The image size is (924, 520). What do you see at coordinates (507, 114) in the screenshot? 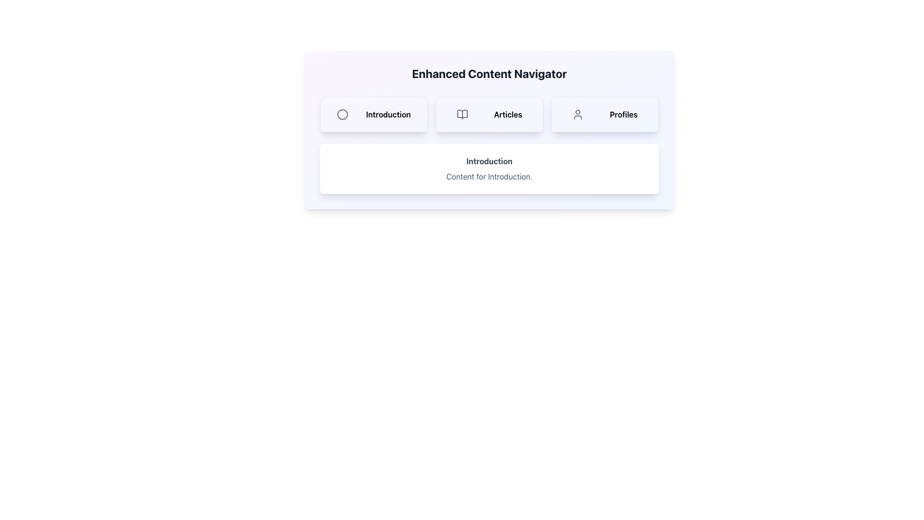
I see `the bold 'Articles' text label located in the navigation bar` at bounding box center [507, 114].